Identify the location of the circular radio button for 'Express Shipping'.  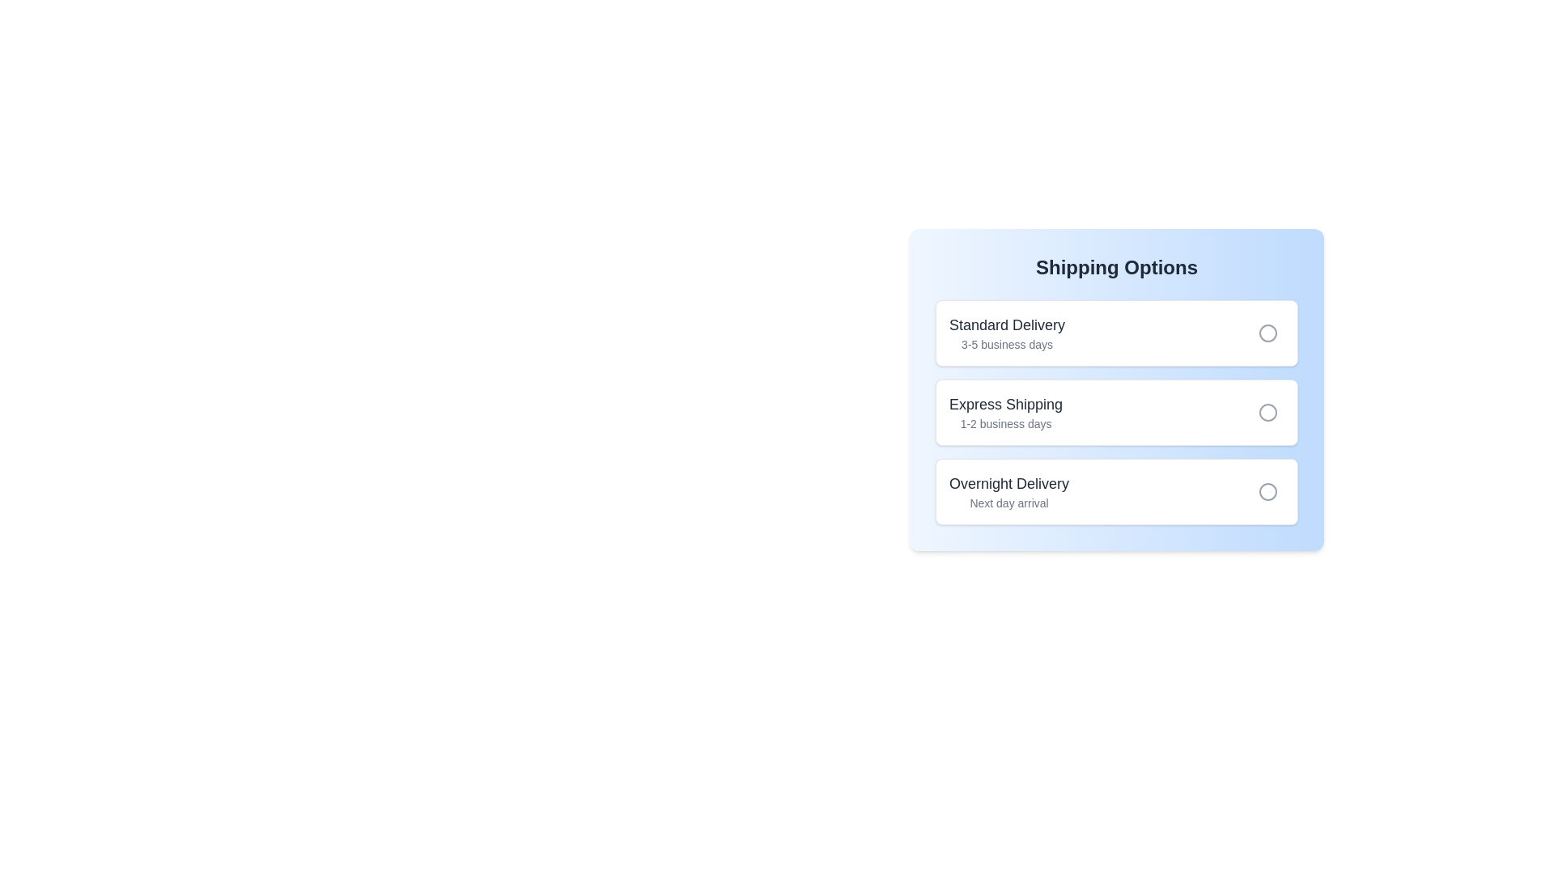
(1116, 411).